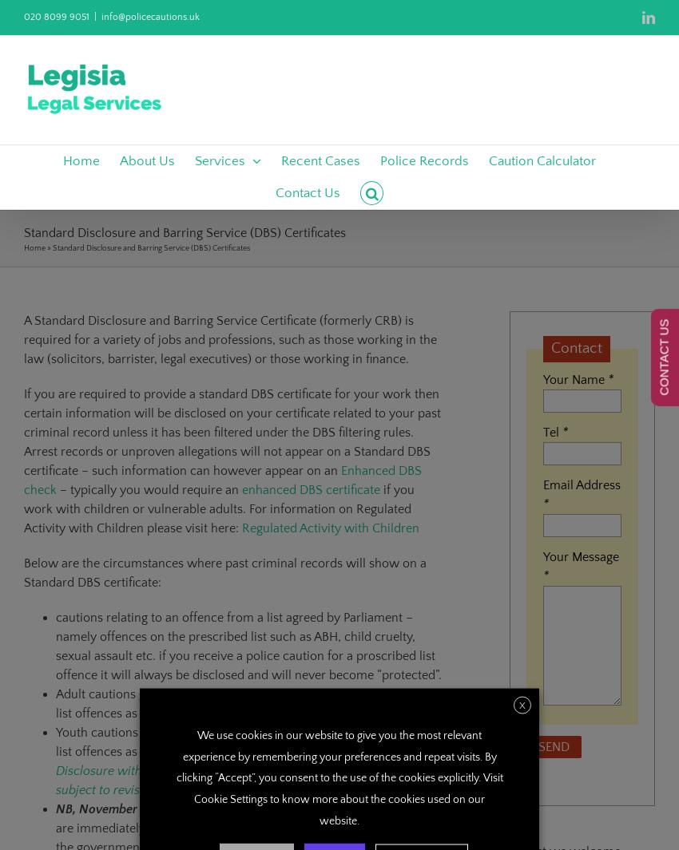  I want to click on 'Adult cautions given less than 6 years ago (unless they are proscribed list offences as above and will always be disclosed)', so click(56, 704).